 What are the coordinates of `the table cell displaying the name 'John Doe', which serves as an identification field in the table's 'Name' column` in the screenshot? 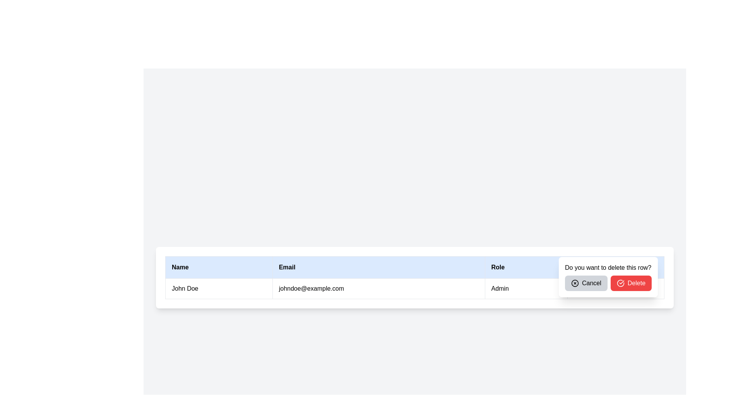 It's located at (218, 288).